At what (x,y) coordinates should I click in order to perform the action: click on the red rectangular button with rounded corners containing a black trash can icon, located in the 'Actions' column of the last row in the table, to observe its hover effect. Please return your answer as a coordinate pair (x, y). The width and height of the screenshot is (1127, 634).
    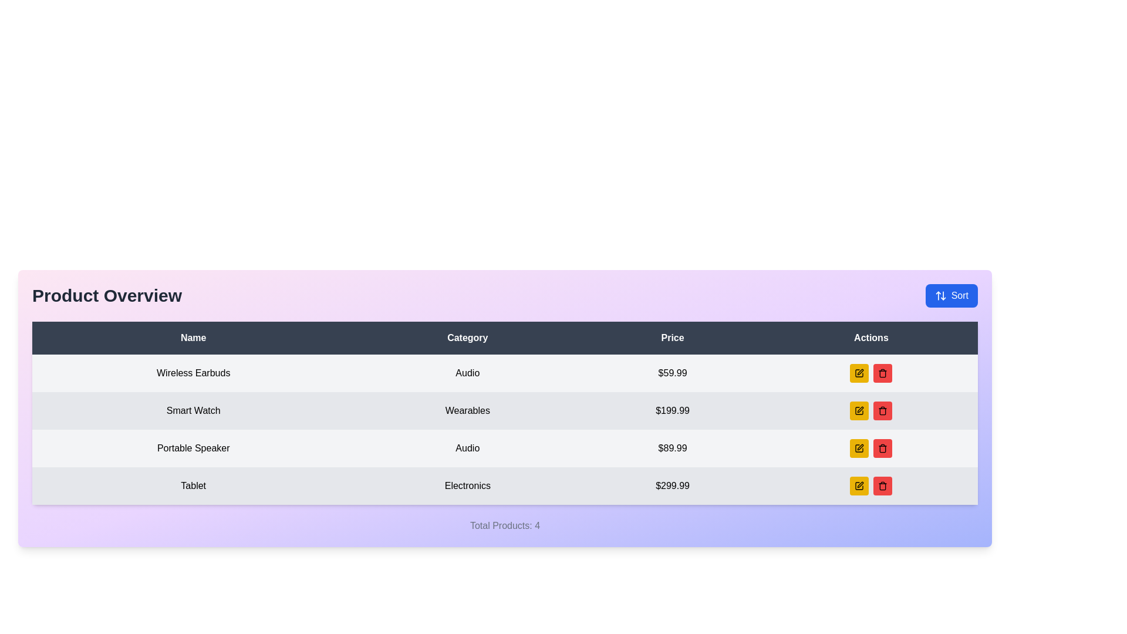
    Looking at the image, I should click on (883, 486).